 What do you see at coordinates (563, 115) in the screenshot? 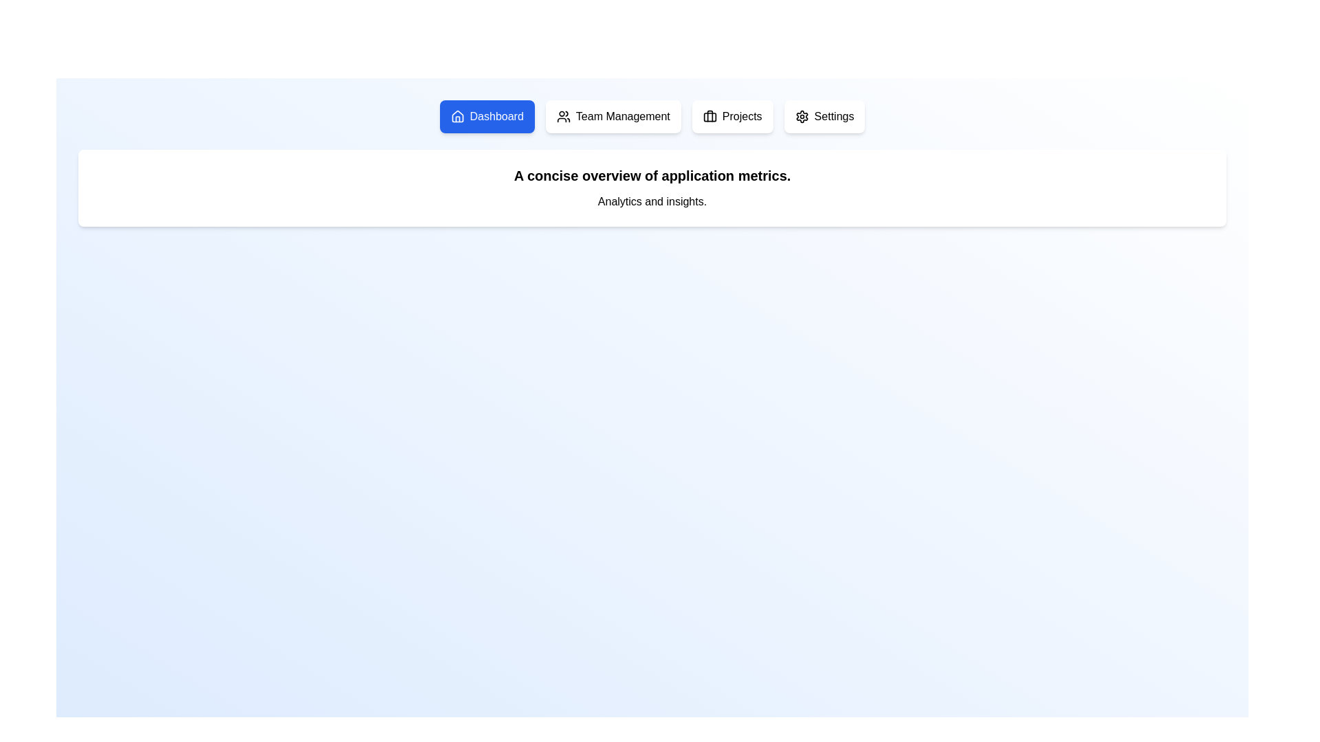
I see `the compact icon depicting a group of people located within the 'Team Management' button in the navigation bar` at bounding box center [563, 115].